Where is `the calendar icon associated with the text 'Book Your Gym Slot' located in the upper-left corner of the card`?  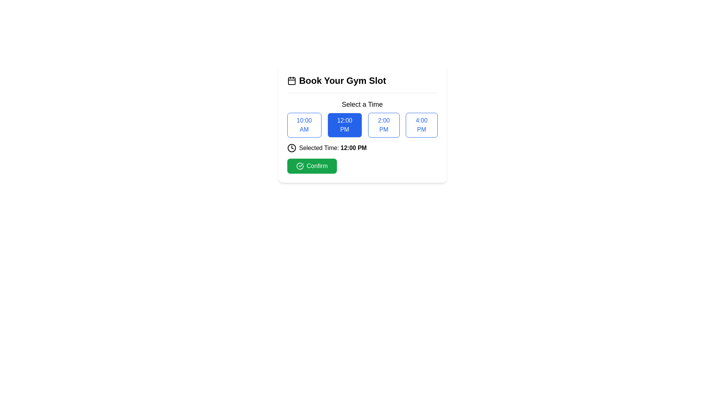 the calendar icon associated with the text 'Book Your Gym Slot' located in the upper-left corner of the card is located at coordinates (291, 81).